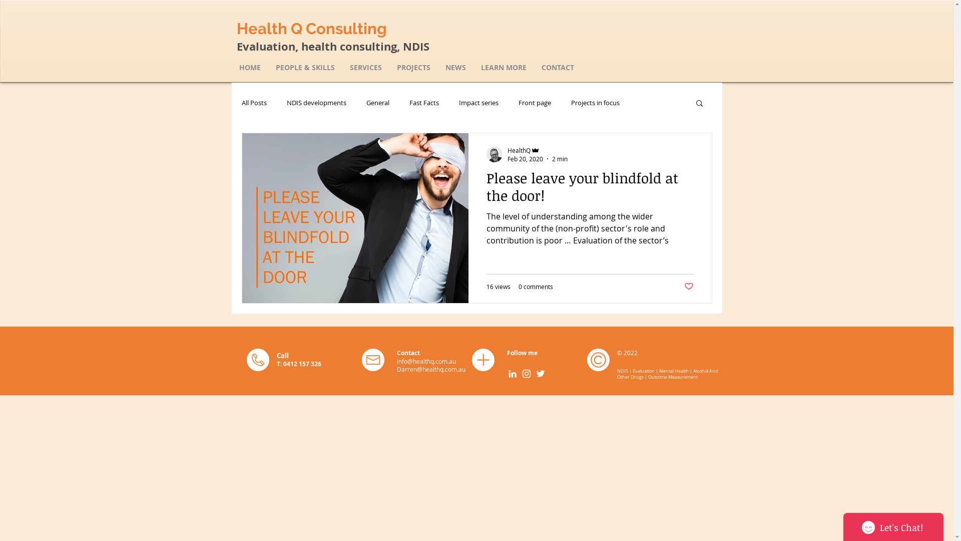  Describe the element at coordinates (413, 67) in the screenshot. I see `'PROJECTS'` at that location.